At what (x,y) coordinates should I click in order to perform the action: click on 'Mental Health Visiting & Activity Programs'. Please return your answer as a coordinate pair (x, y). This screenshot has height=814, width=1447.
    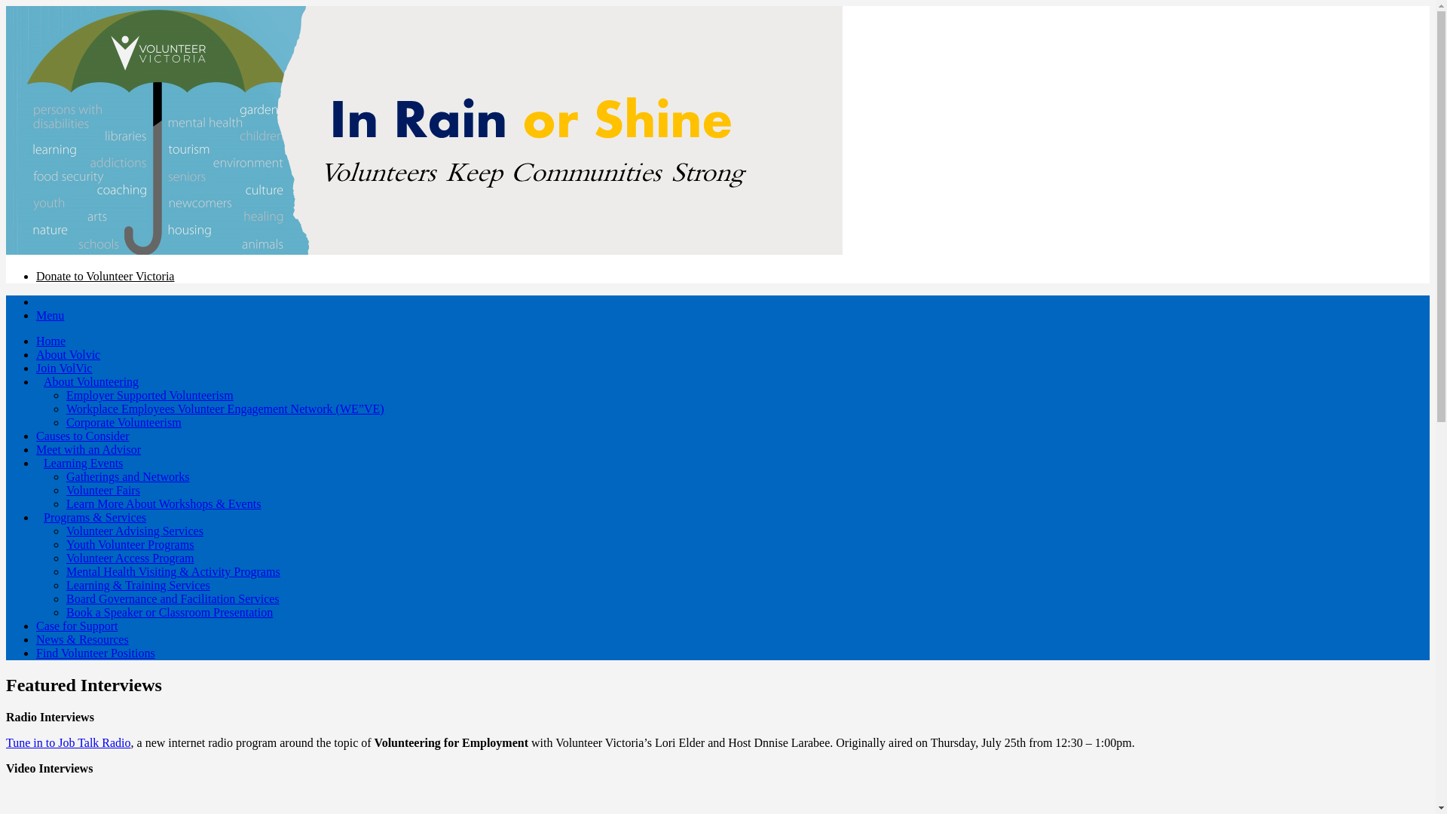
    Looking at the image, I should click on (173, 571).